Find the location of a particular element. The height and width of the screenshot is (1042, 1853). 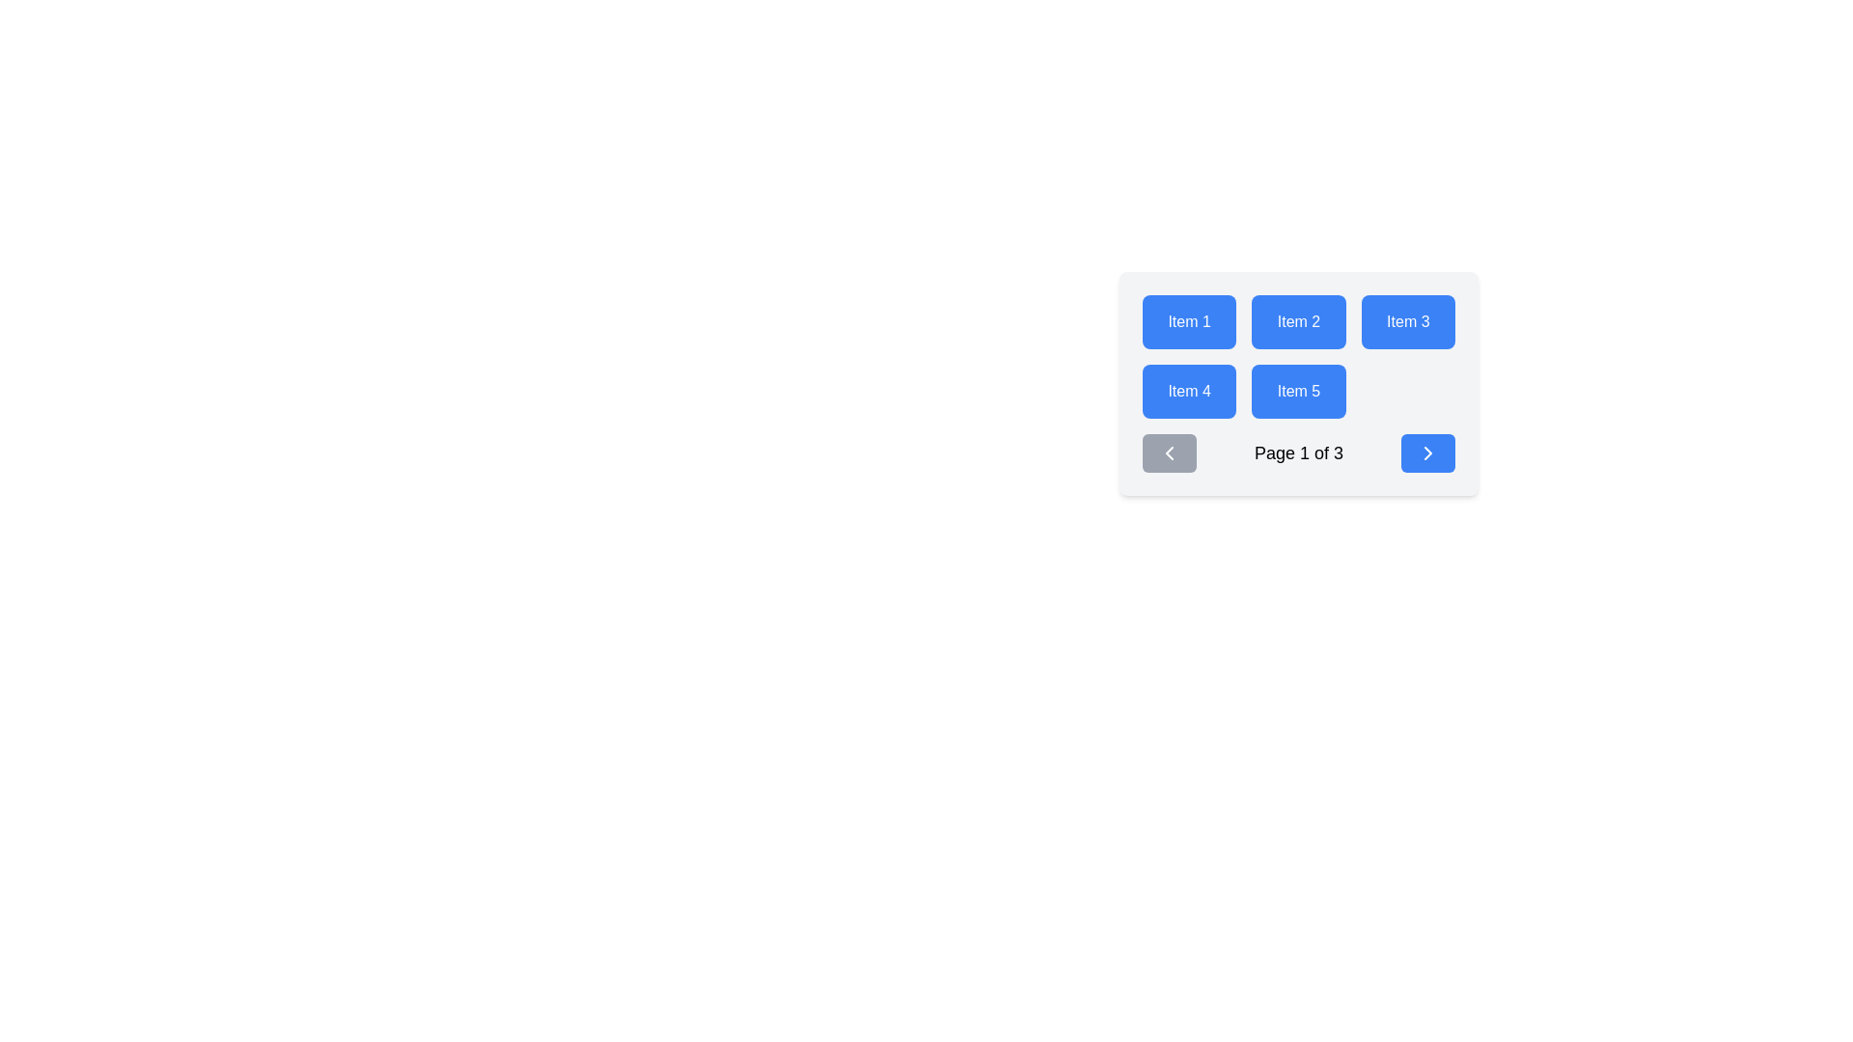

the chevron right icon is located at coordinates (1427, 453).